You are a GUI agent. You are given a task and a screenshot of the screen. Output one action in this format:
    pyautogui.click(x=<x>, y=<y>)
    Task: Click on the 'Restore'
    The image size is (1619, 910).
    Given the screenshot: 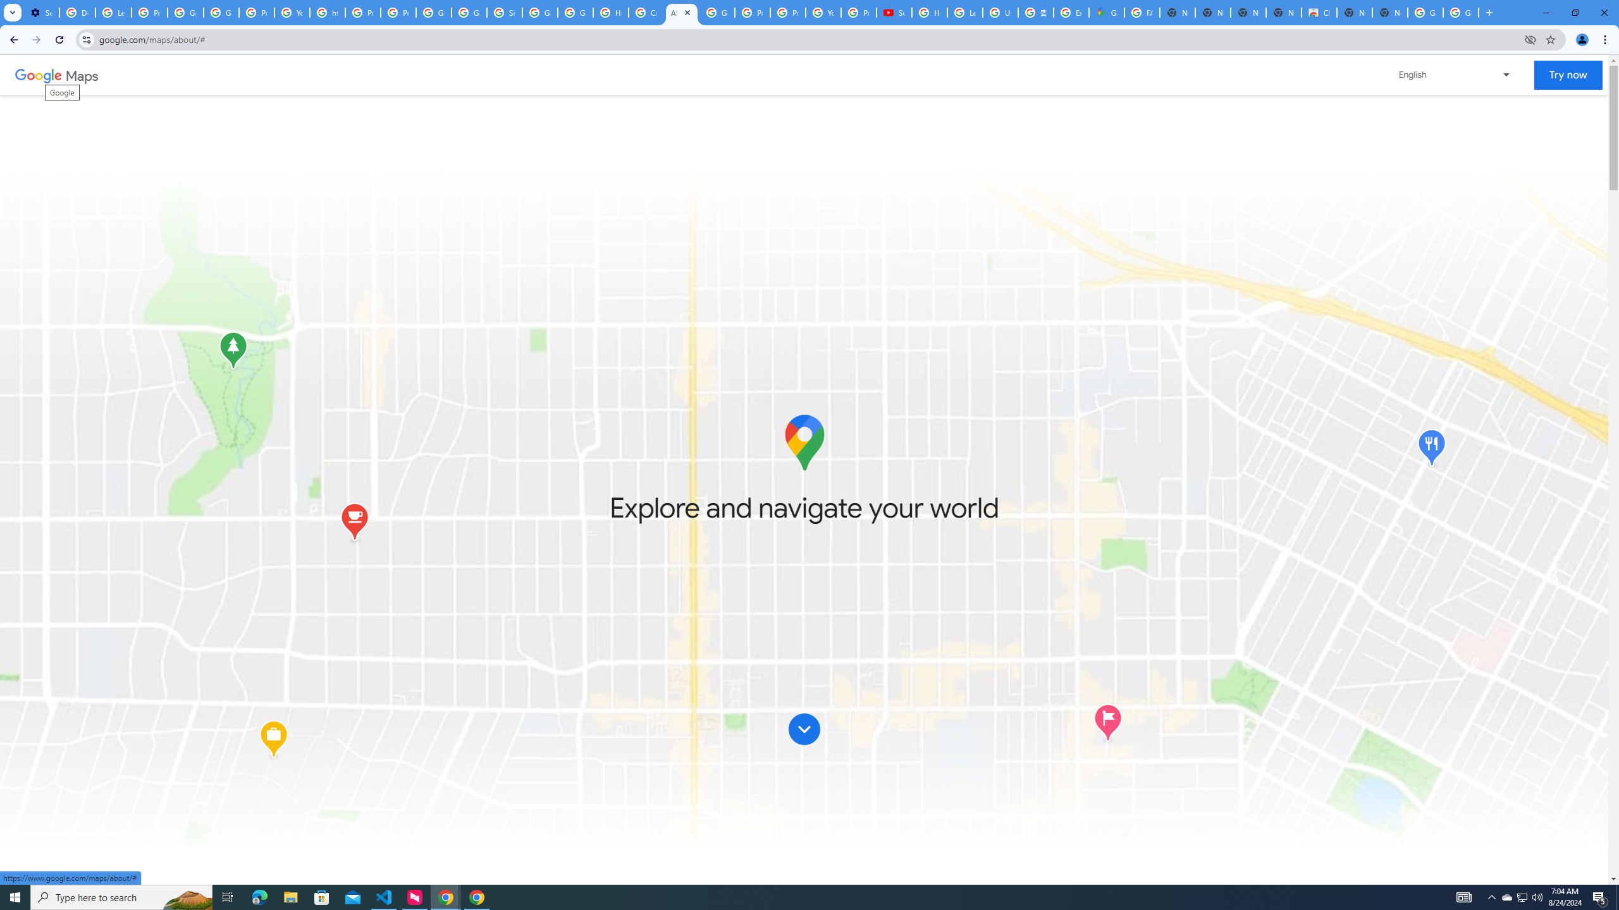 What is the action you would take?
    pyautogui.click(x=1575, y=12)
    